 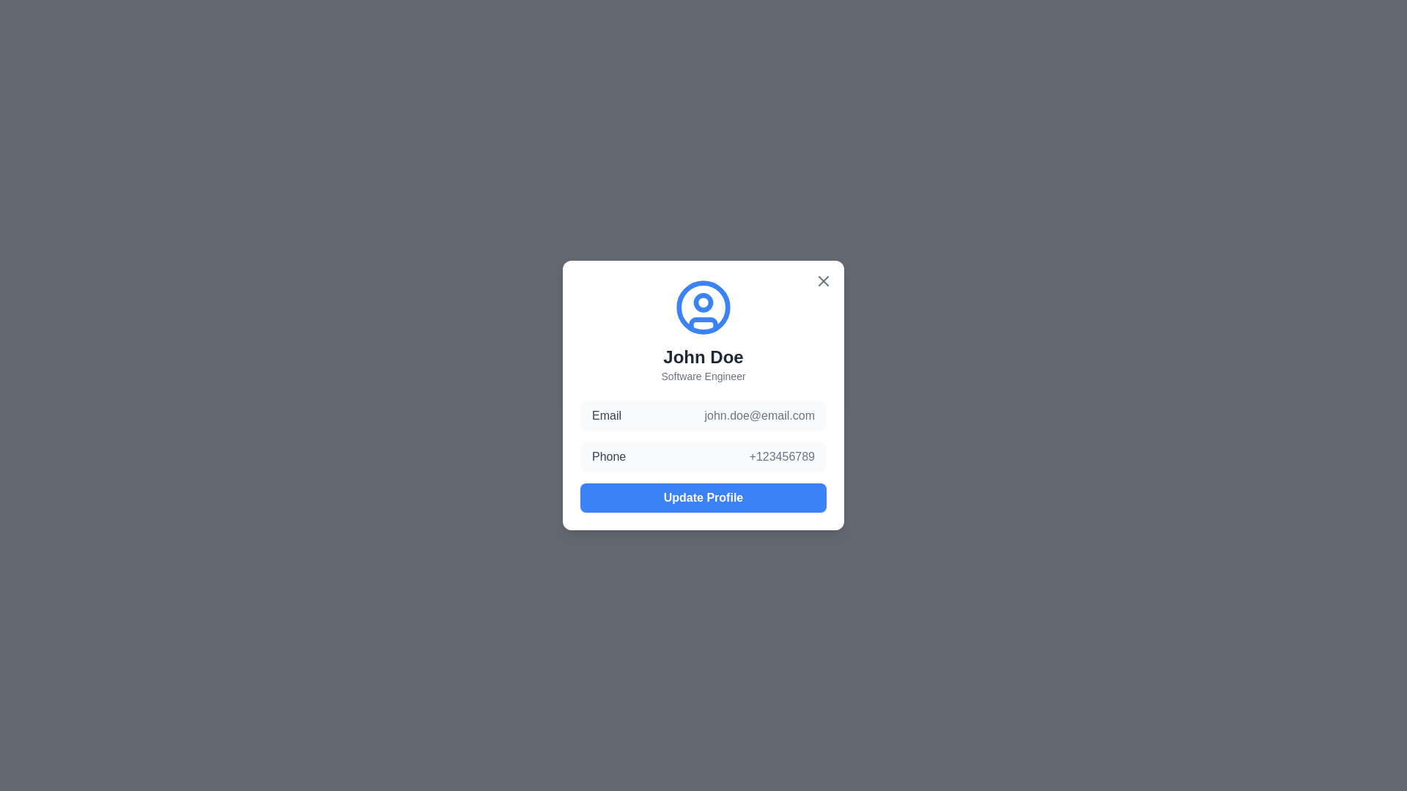 What do you see at coordinates (609, 456) in the screenshot?
I see `the 'Phone' text label, which is a medium-weight gray text positioned to the left of the contact number in a user profile card` at bounding box center [609, 456].